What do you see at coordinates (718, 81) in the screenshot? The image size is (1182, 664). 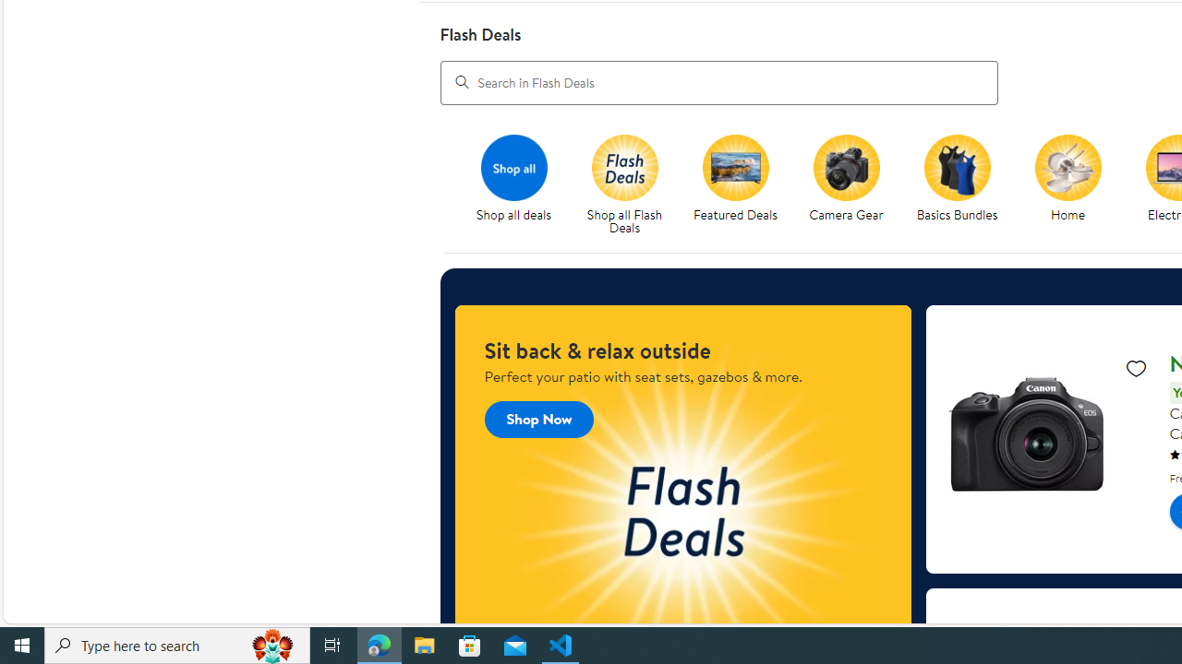 I see `'Search in Flash Deals'` at bounding box center [718, 81].